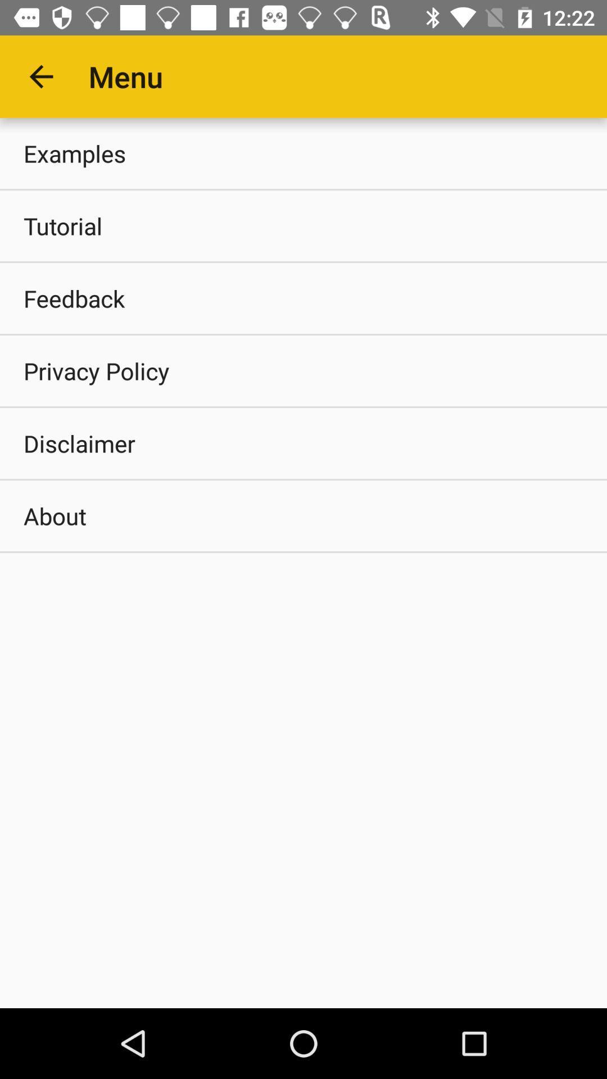 The width and height of the screenshot is (607, 1079). I want to click on icon above examples item, so click(40, 76).